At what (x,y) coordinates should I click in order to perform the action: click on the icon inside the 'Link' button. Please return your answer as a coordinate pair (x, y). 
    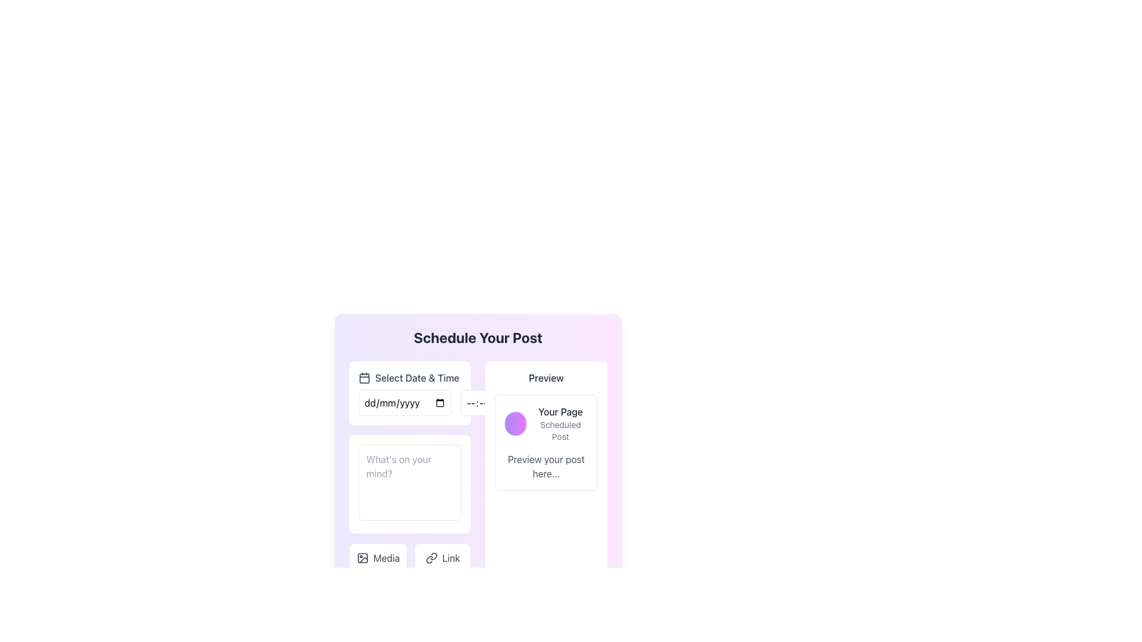
    Looking at the image, I should click on (431, 558).